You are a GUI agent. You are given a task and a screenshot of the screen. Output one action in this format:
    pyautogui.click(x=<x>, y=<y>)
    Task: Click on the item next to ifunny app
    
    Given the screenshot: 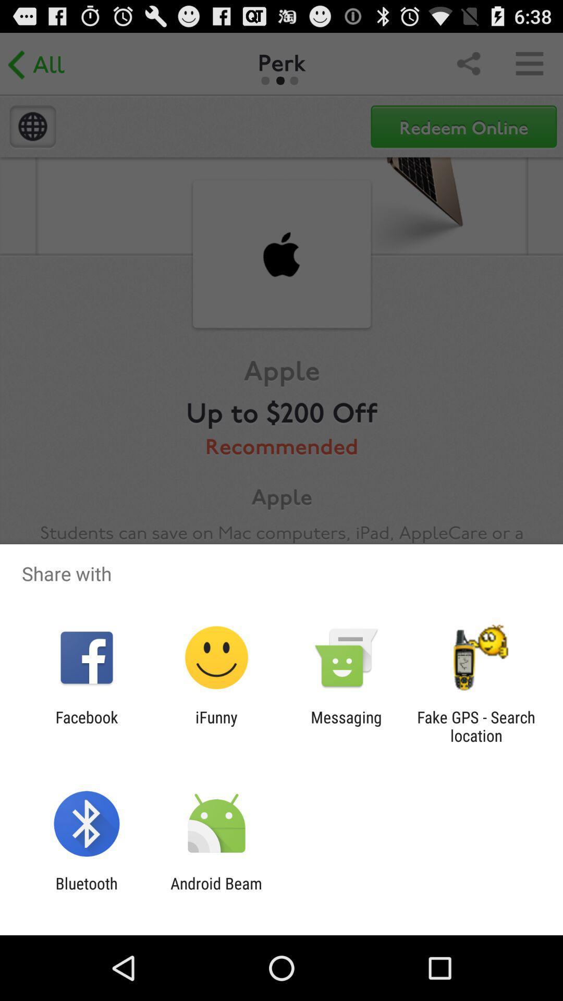 What is the action you would take?
    pyautogui.click(x=86, y=726)
    